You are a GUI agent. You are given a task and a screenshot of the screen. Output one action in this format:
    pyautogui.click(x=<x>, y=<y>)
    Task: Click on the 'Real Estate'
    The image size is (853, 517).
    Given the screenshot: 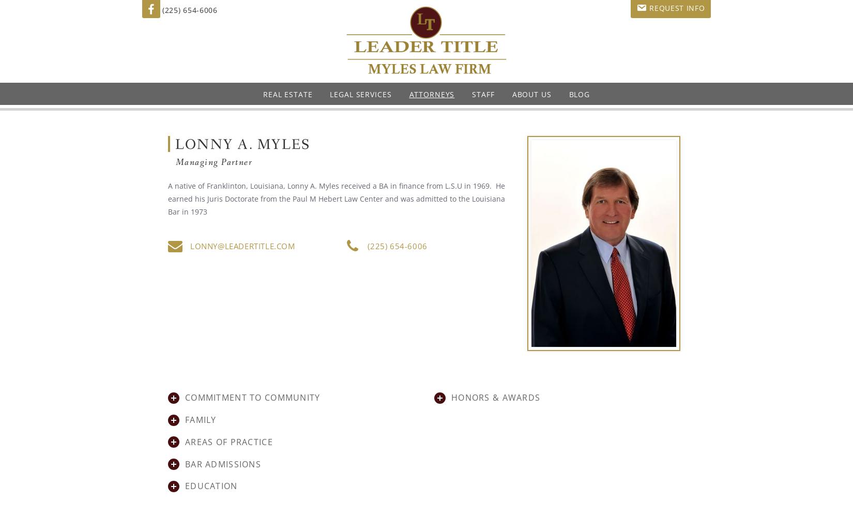 What is the action you would take?
    pyautogui.click(x=287, y=94)
    